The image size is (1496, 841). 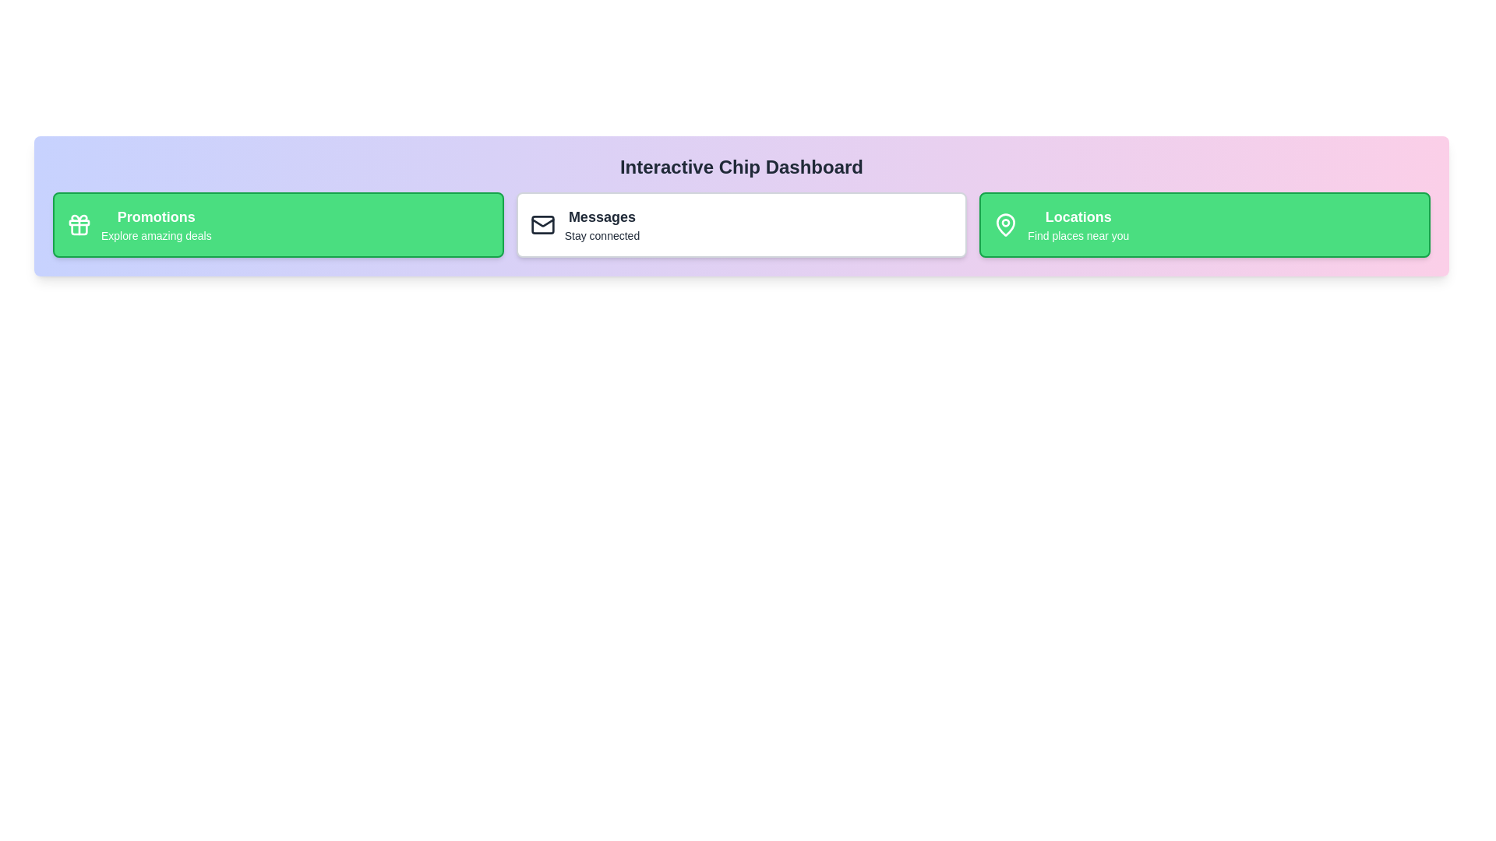 What do you see at coordinates (740, 225) in the screenshot?
I see `the chip labeled Messages to observe the hover effect` at bounding box center [740, 225].